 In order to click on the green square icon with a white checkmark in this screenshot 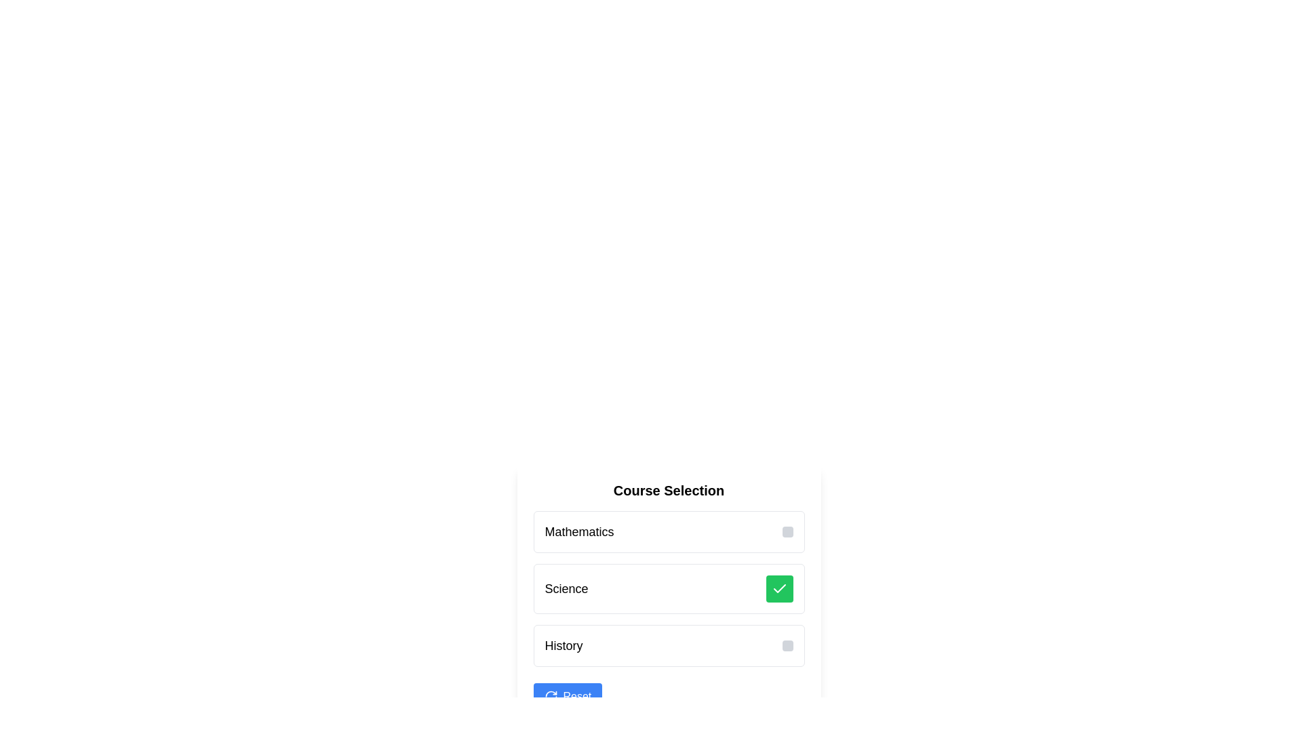, I will do `click(779, 588)`.